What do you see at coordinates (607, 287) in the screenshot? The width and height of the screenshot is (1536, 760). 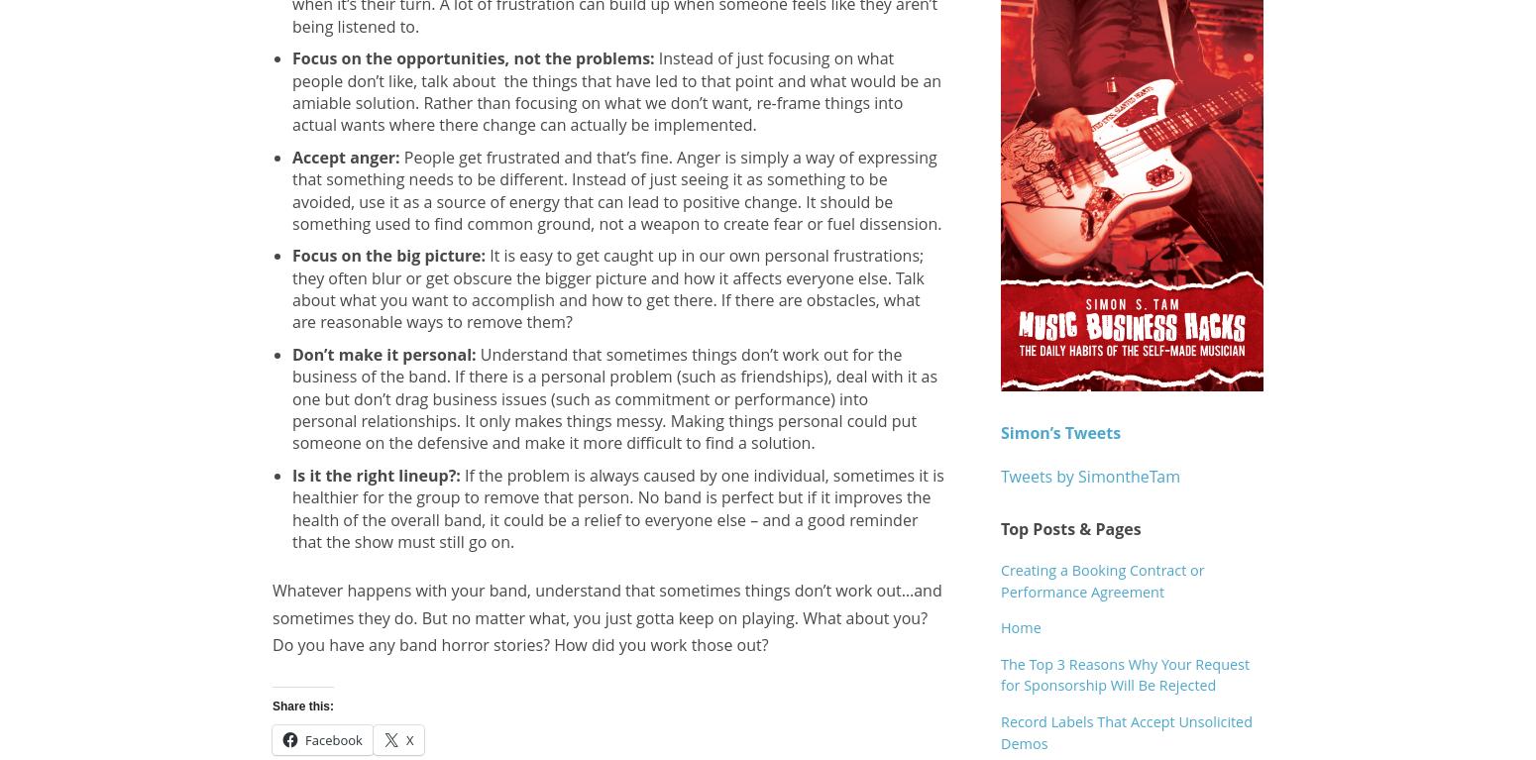 I see `'It is easy to get caught up in our own personal frustrations; they often blur or get obscure the bigger picture and how it affects everyone else. Talk about what you want to accomplish and how to get there. If there are obstacles, what are reasonable ways to remove them?'` at bounding box center [607, 287].